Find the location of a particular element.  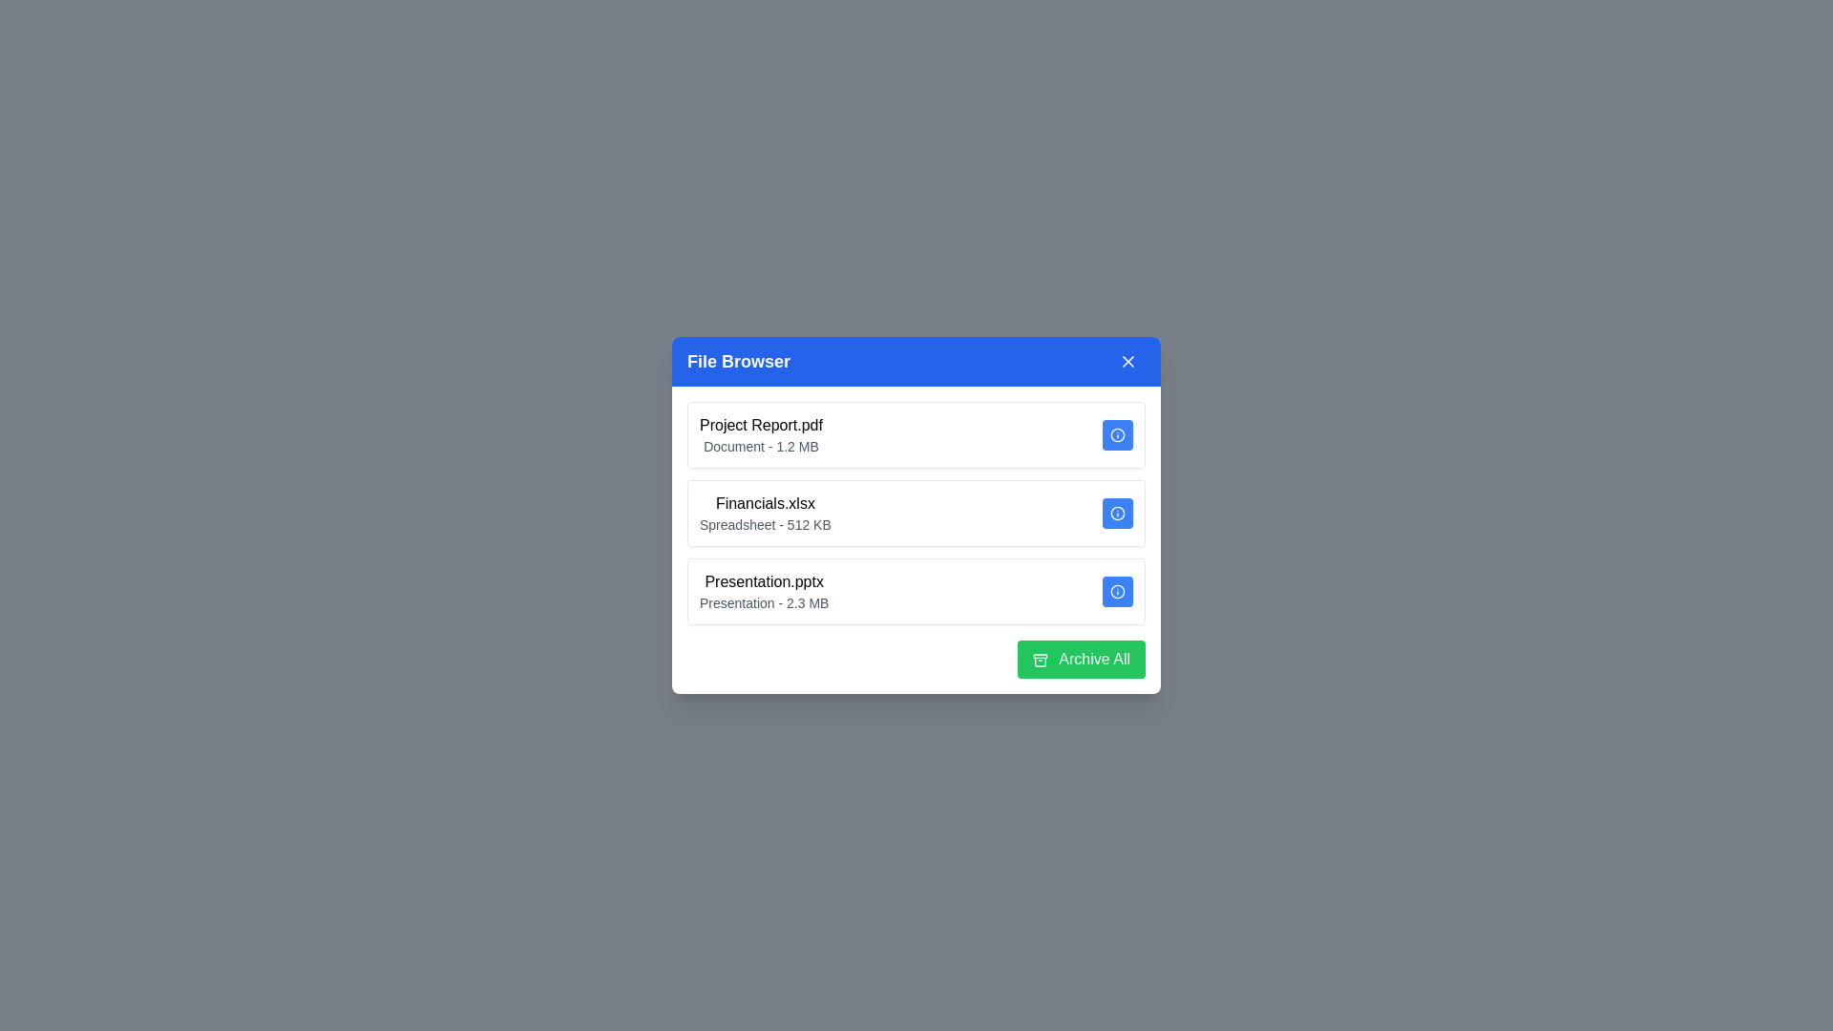

close button at the top-right corner of the File Browser dialog is located at coordinates (1127, 361).